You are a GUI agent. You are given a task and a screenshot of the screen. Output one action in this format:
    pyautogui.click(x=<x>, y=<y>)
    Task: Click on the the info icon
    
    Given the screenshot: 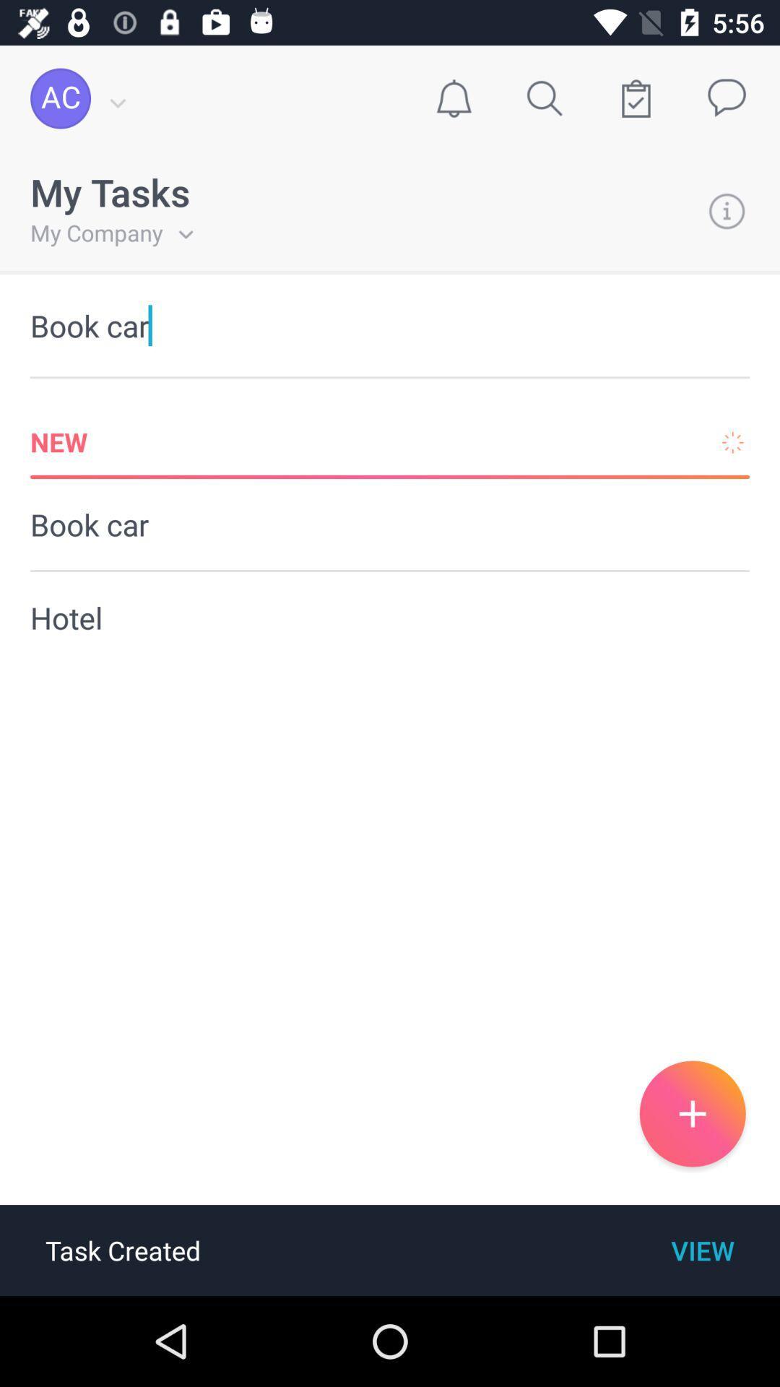 What is the action you would take?
    pyautogui.click(x=727, y=210)
    